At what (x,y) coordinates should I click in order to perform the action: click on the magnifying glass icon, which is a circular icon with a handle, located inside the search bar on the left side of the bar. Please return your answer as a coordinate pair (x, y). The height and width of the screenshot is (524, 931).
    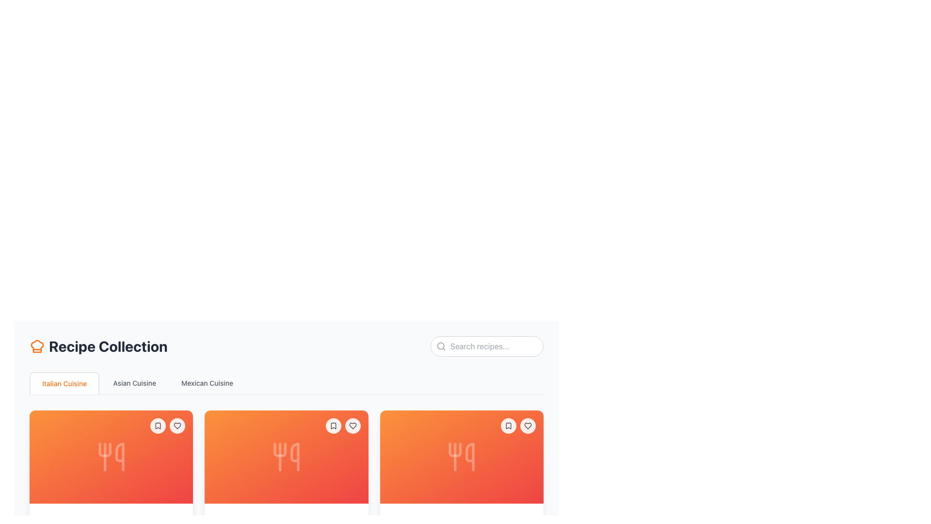
    Looking at the image, I should click on (441, 345).